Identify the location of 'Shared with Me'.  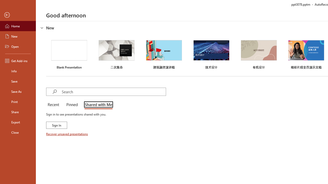
(97, 105).